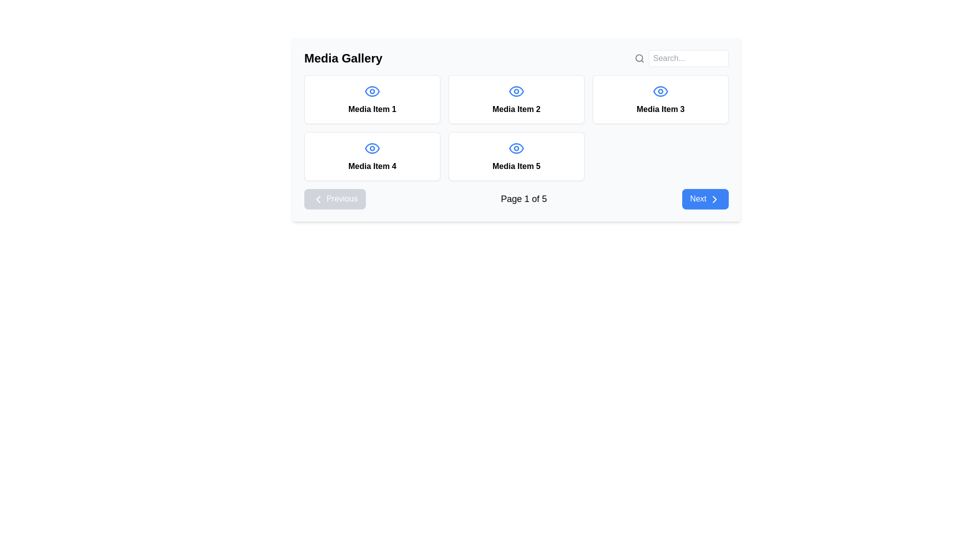 Image resolution: width=961 pixels, height=540 pixels. Describe the element at coordinates (517, 156) in the screenshot. I see `the informational panel representing 'Media Item 5'` at that location.